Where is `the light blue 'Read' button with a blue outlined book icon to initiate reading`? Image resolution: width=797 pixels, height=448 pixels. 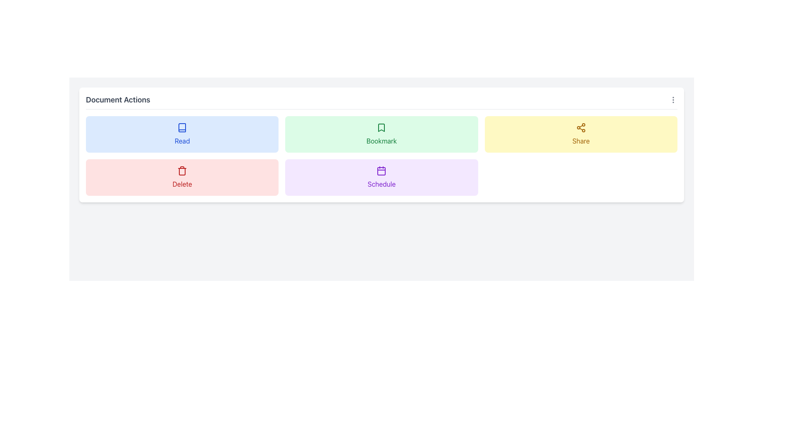
the light blue 'Read' button with a blue outlined book icon to initiate reading is located at coordinates (182, 134).